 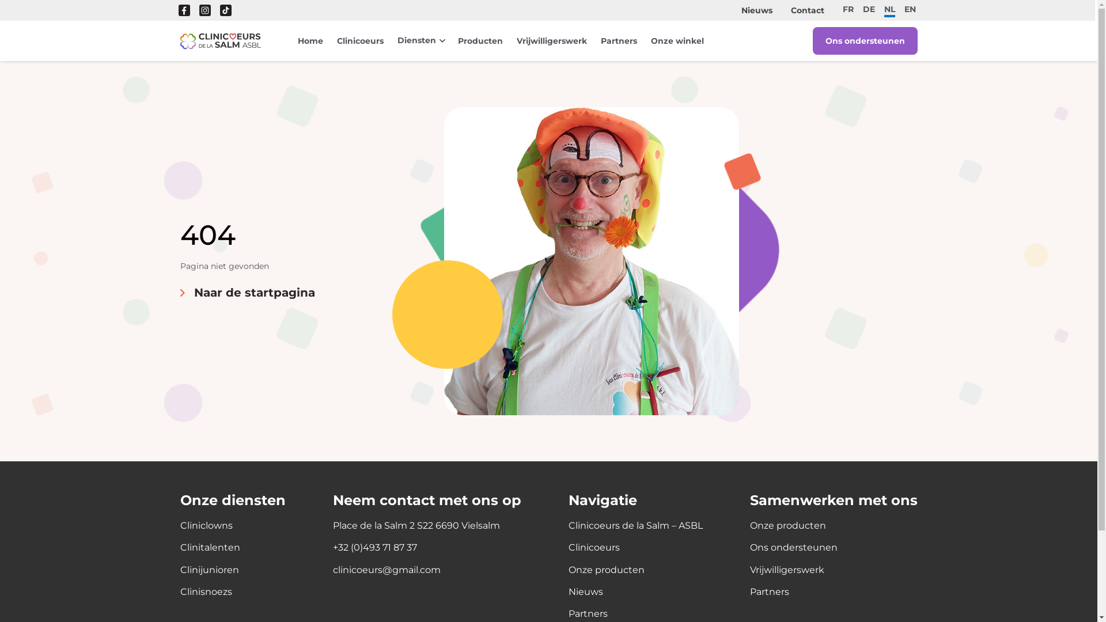 I want to click on '+32 (0)493 71 87 37', so click(x=375, y=547).